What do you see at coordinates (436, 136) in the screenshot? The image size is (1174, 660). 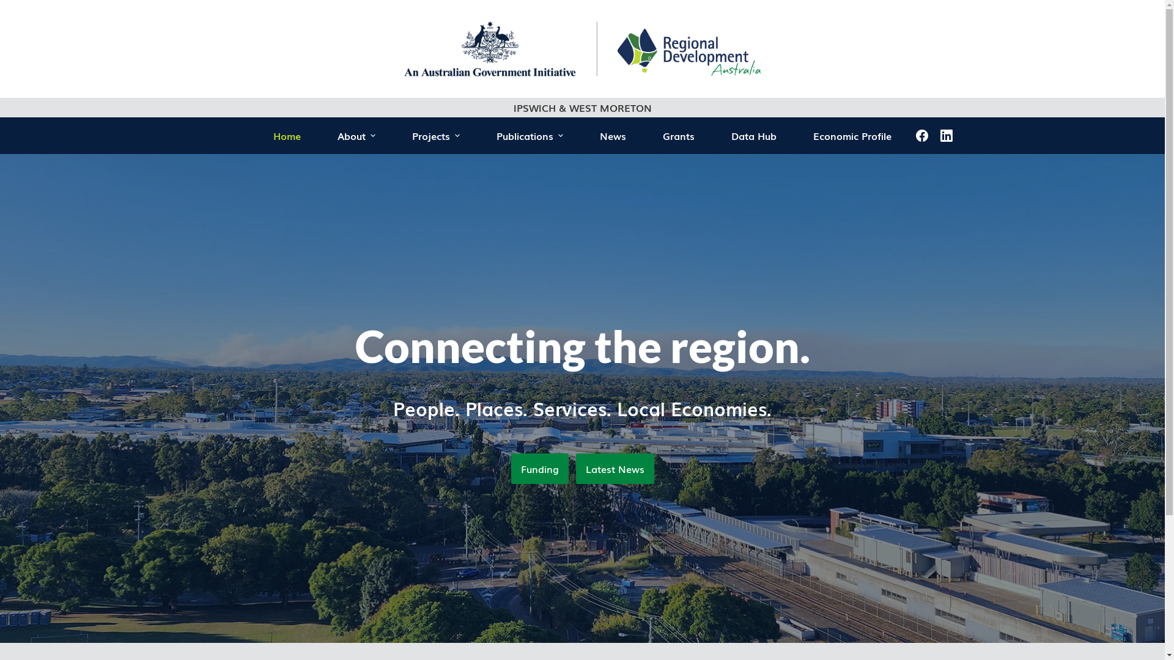 I see `'Projects'` at bounding box center [436, 136].